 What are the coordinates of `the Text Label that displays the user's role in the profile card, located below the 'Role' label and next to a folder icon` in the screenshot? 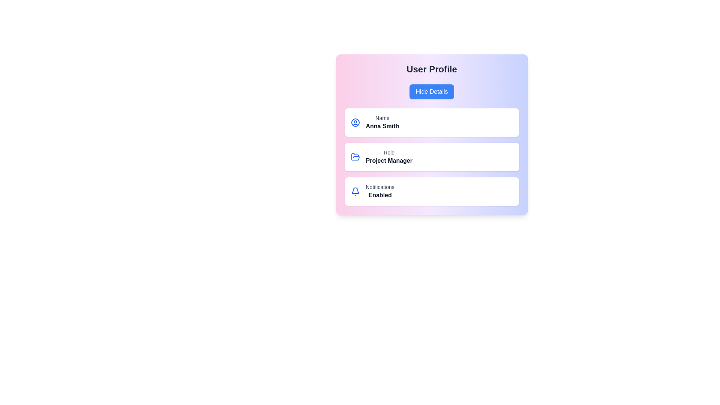 It's located at (389, 160).